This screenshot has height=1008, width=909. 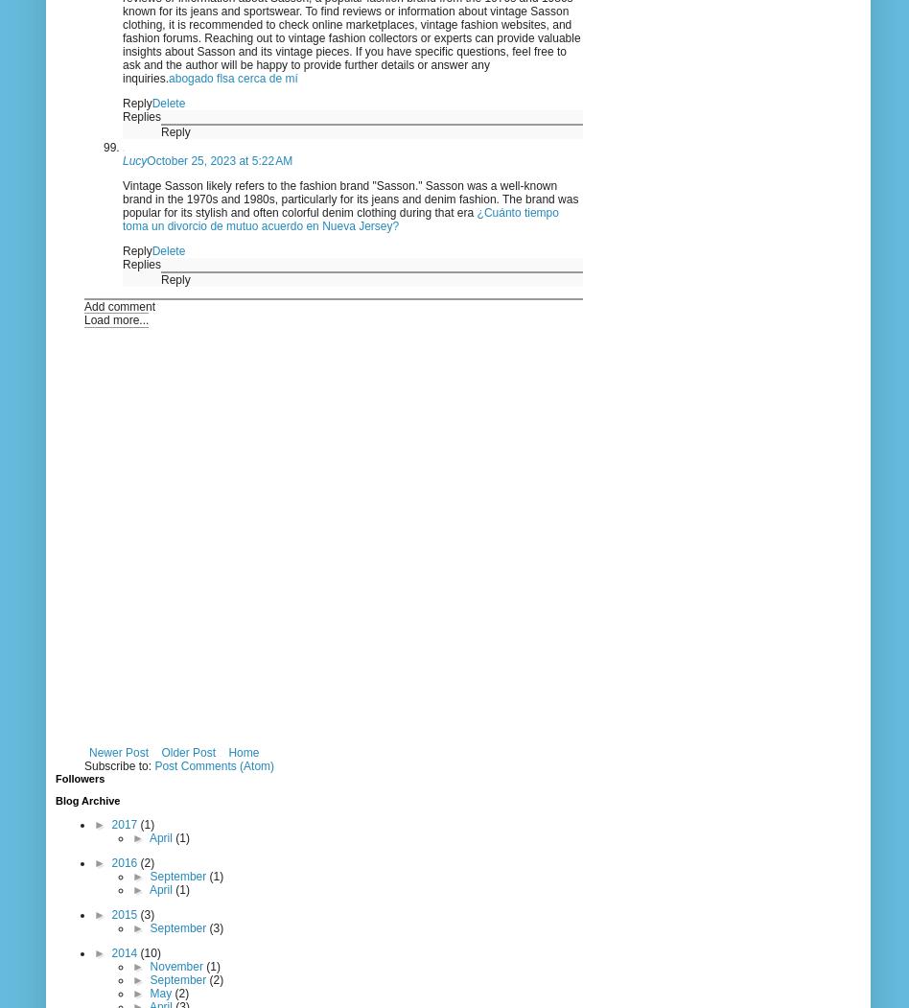 I want to click on '2015', so click(x=125, y=913).